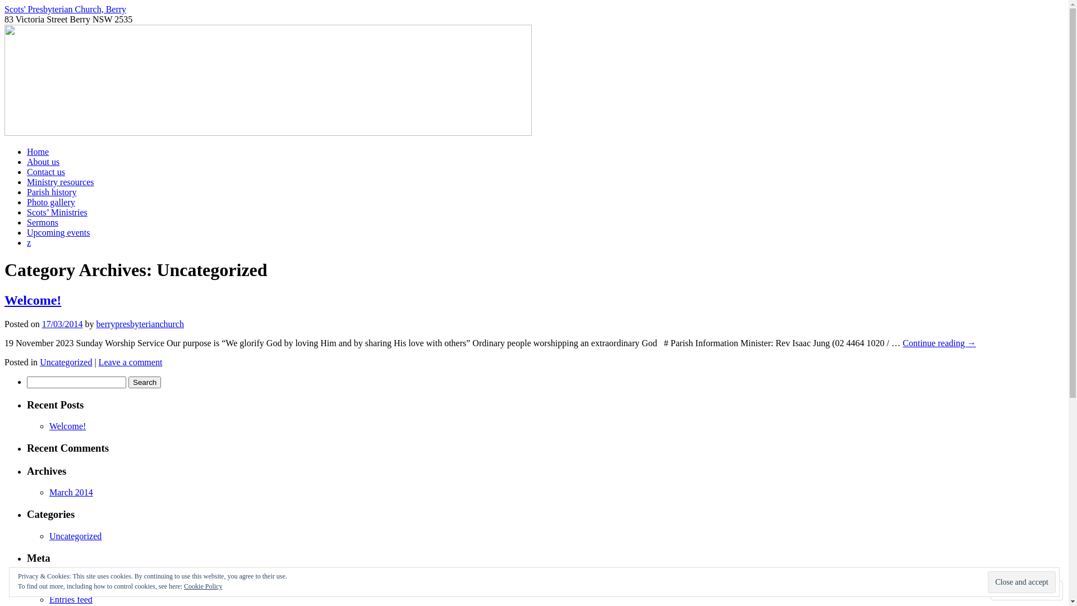 This screenshot has width=1077, height=606. I want to click on 'Log in', so click(61, 589).